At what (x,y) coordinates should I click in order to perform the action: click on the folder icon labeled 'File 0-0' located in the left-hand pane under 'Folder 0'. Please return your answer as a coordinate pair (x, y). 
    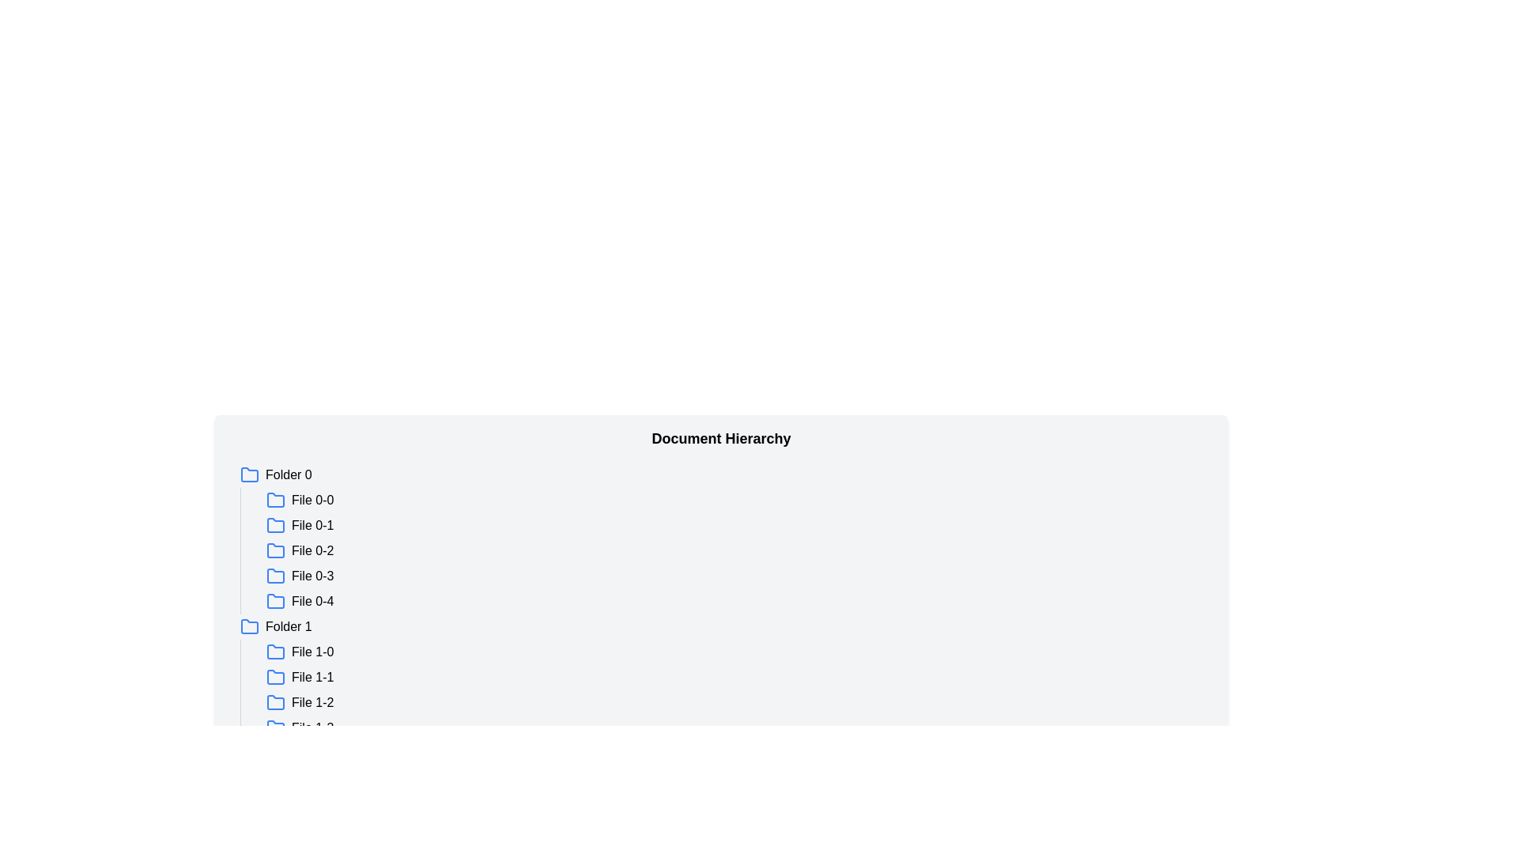
    Looking at the image, I should click on (276, 500).